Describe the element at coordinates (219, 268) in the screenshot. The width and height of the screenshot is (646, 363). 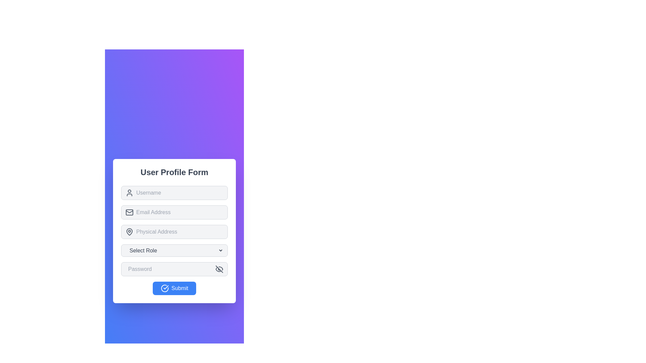
I see `the 'eye crossed out' button at the right end of the 'Password' input field` at that location.